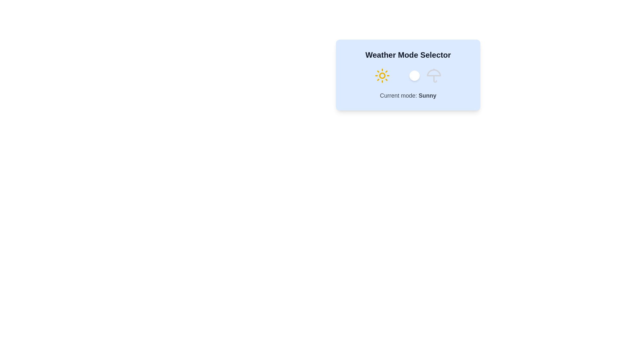 This screenshot has width=619, height=348. Describe the element at coordinates (408, 75) in the screenshot. I see `the toggle between the sun and umbrella icons in the Weather Mode Selector` at that location.